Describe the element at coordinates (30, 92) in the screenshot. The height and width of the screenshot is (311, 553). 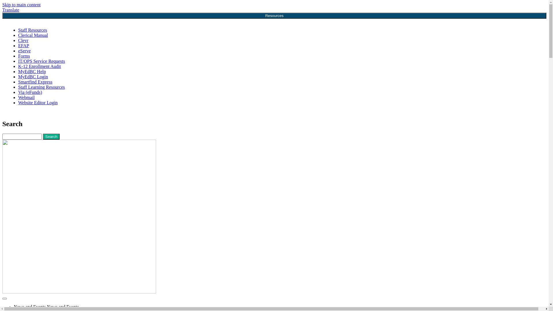
I see `'Via (eFunds)'` at that location.